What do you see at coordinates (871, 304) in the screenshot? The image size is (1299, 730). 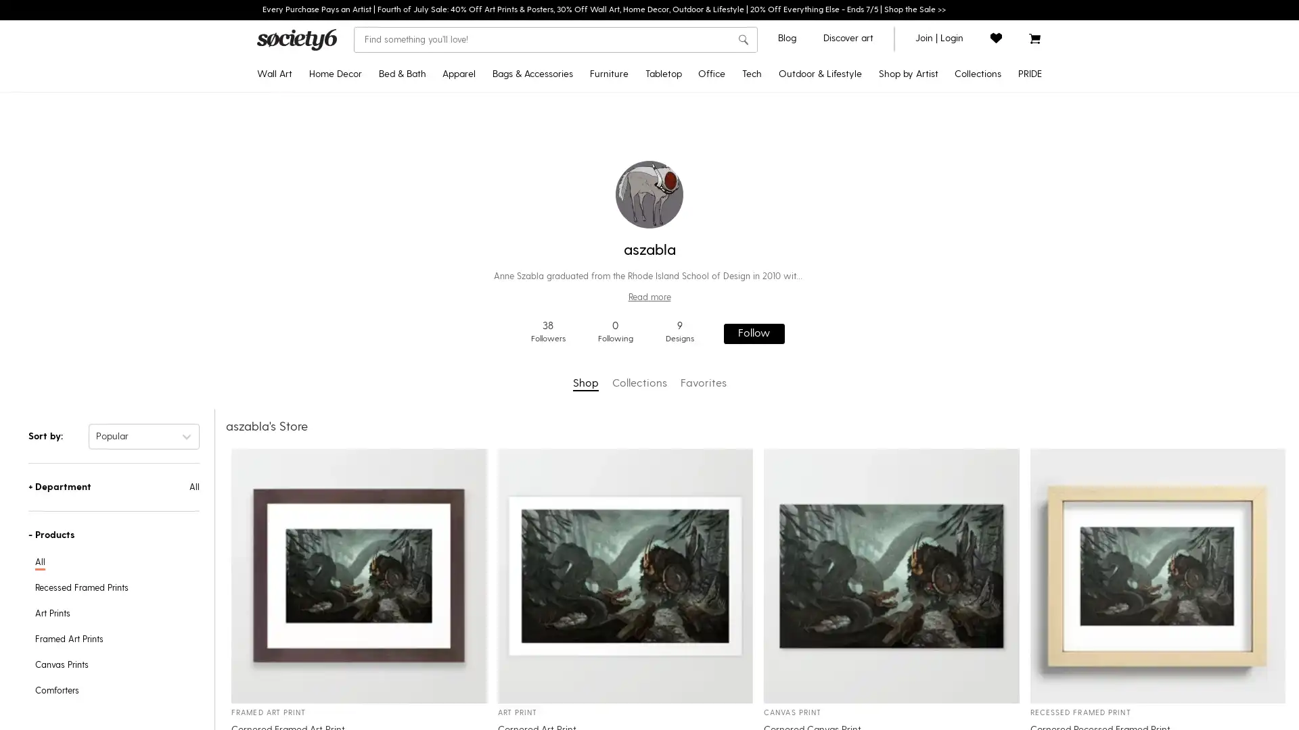 I see `Shop by Artist` at bounding box center [871, 304].